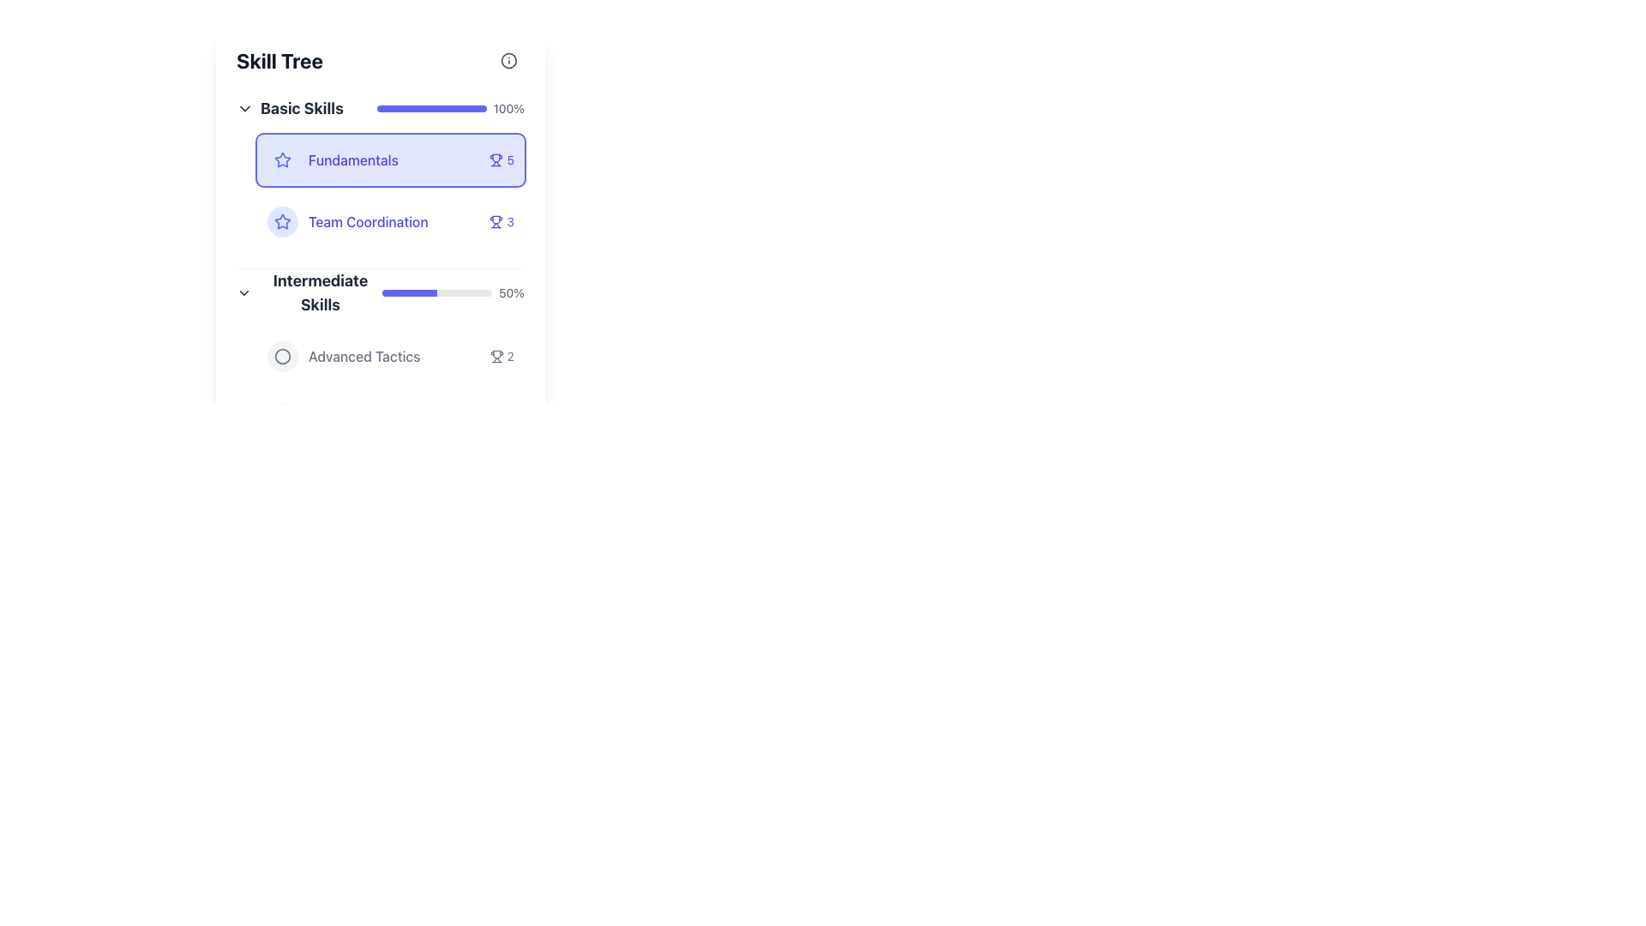 This screenshot has width=1646, height=926. I want to click on the 'Fundamentals' Text label under the 'Basic Skills' section in the skill tree layout, which includes a star icon and a score or rating, so click(380, 171).